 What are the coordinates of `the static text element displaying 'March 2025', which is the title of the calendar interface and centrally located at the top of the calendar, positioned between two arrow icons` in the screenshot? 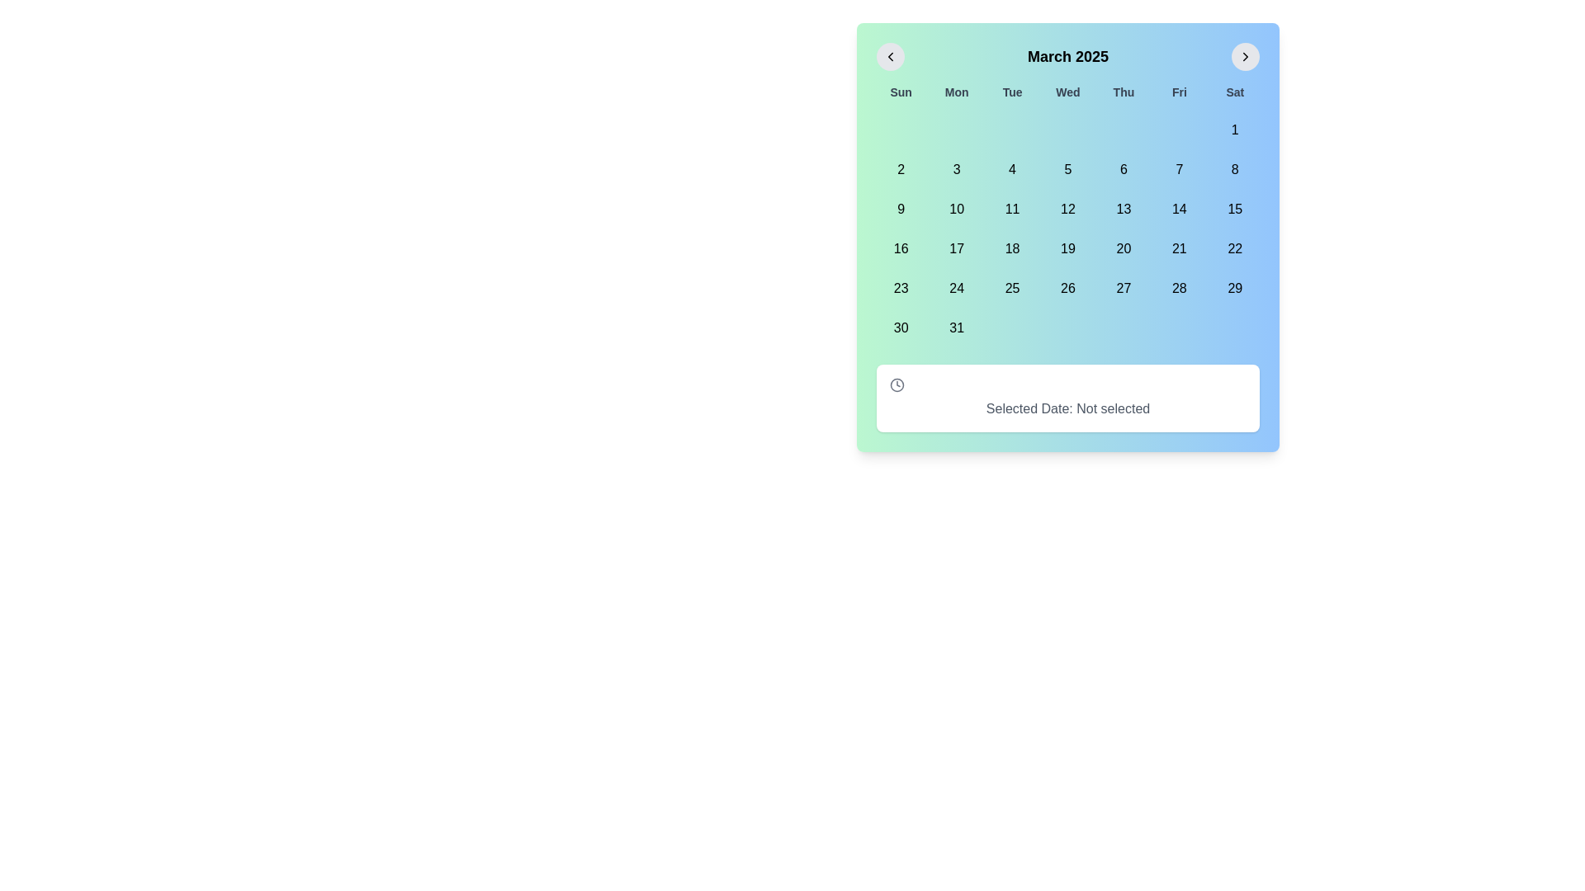 It's located at (1068, 56).